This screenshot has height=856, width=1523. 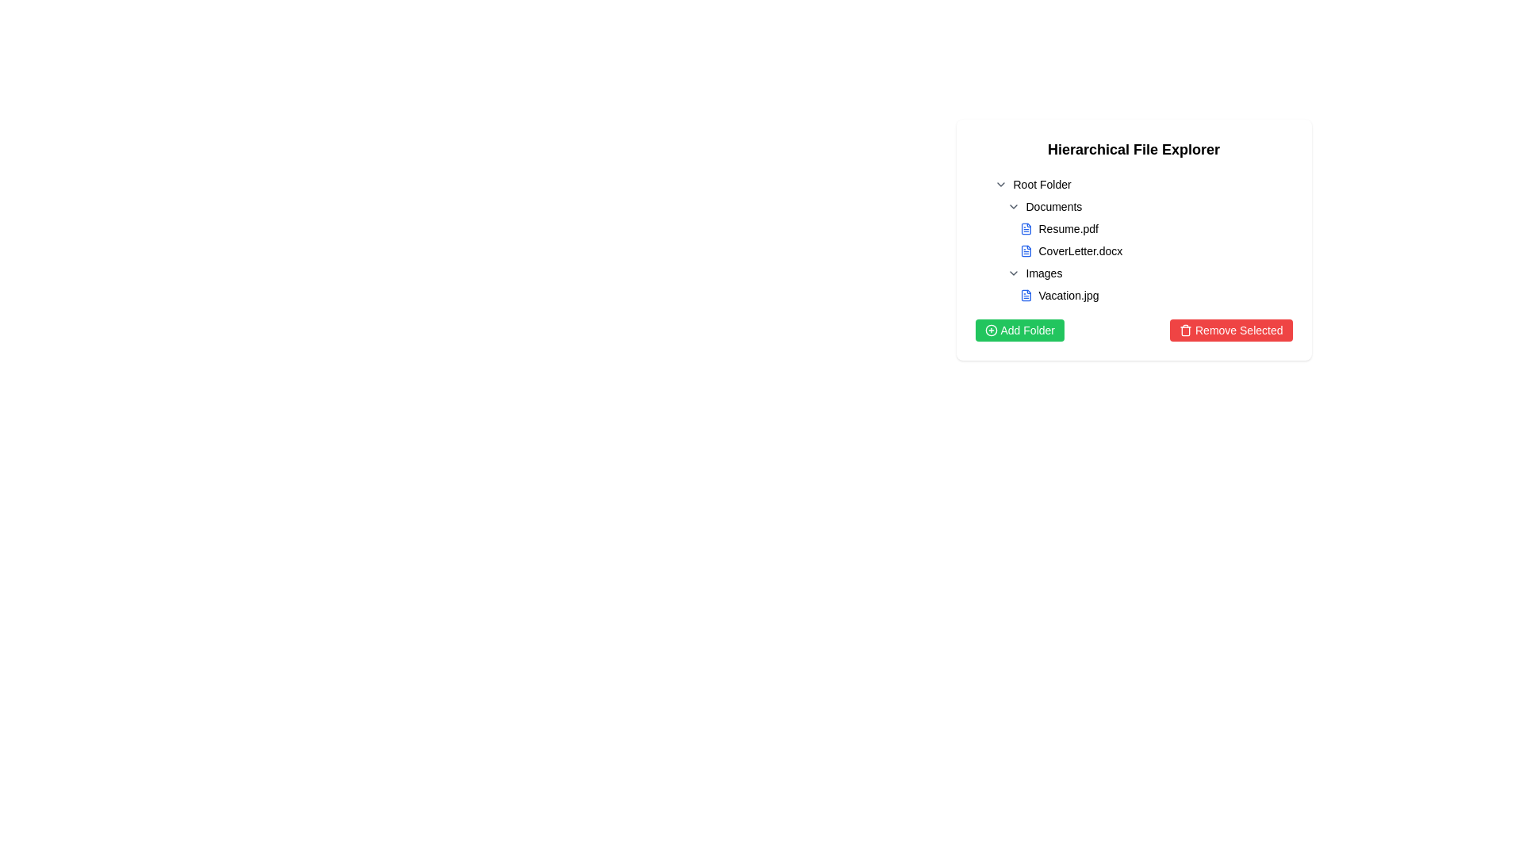 I want to click on the trash bin icon, which is located to the left of the 'Remove Selected' text label in the interface, indicating its function to remove selected items, so click(x=1185, y=329).